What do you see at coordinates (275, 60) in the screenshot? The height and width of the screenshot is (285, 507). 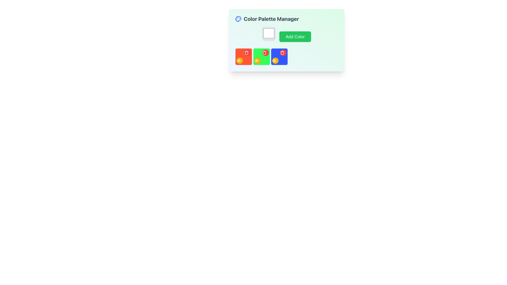 I see `the circular button with a yellow background and a white eye-shaped icon located in the bottom-left corner of the blue square card in the color palette manager interface` at bounding box center [275, 60].